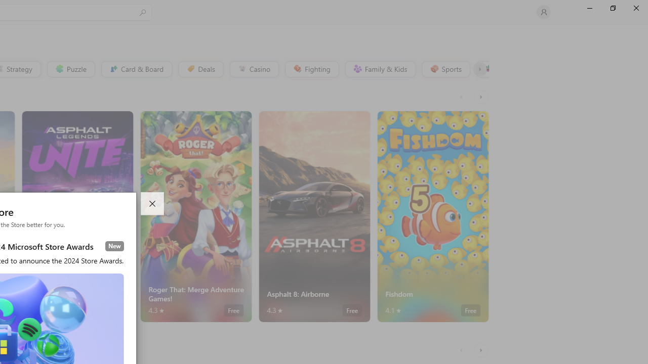 This screenshot has height=364, width=648. What do you see at coordinates (70, 68) in the screenshot?
I see `'Puzzle'` at bounding box center [70, 68].